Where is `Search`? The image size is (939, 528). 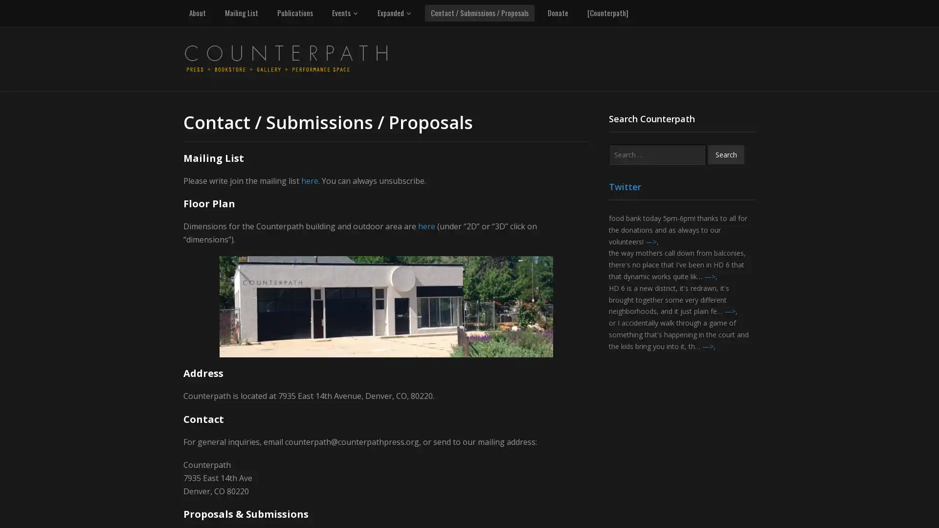 Search is located at coordinates (726, 154).